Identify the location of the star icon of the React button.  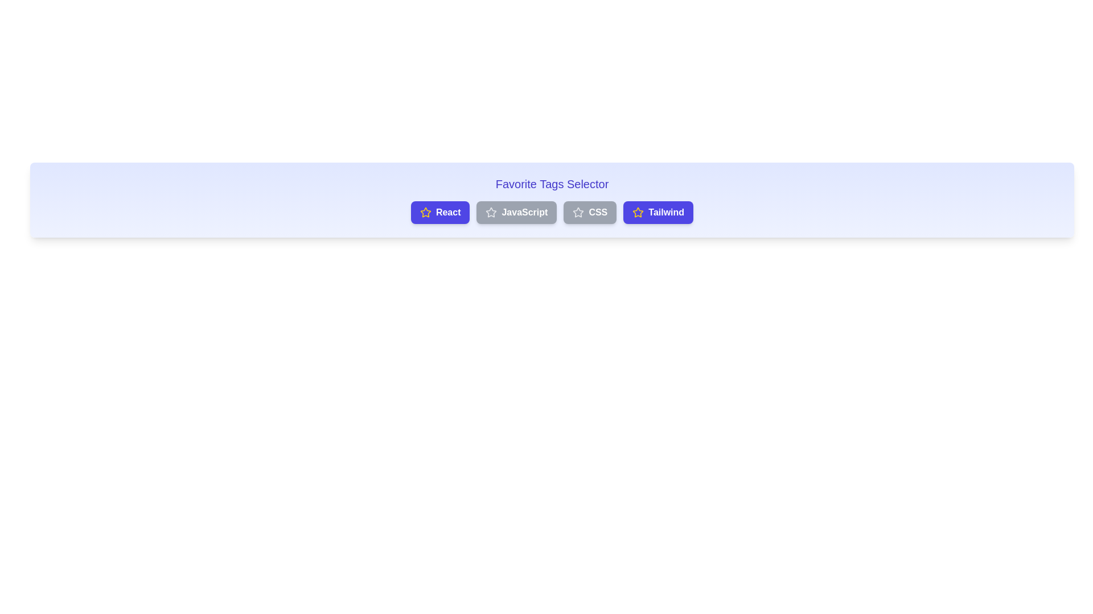
(425, 213).